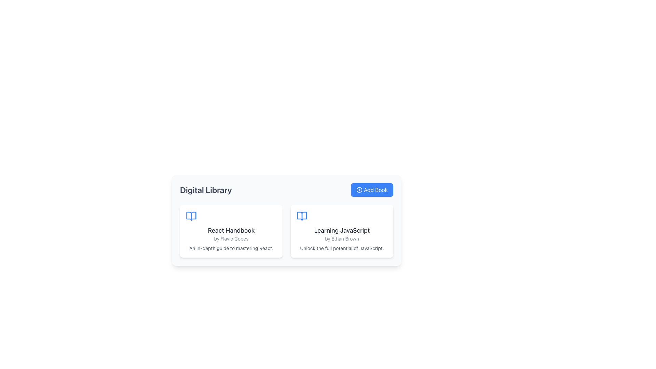 The image size is (656, 369). What do you see at coordinates (287, 231) in the screenshot?
I see `the grid containing book listing components to trigger styling changes for each book section` at bounding box center [287, 231].